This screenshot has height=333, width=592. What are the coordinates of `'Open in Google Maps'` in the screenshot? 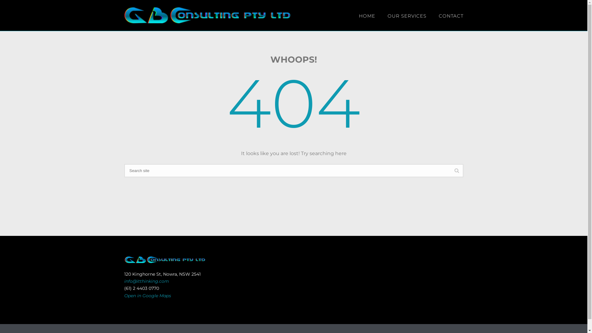 It's located at (147, 295).